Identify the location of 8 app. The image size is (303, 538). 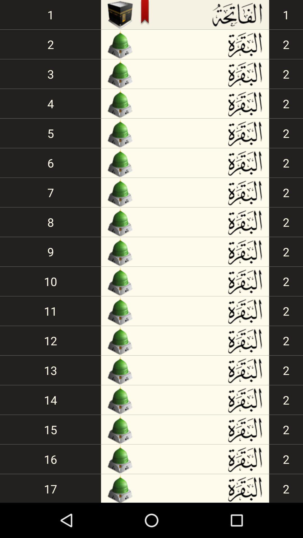
(50, 222).